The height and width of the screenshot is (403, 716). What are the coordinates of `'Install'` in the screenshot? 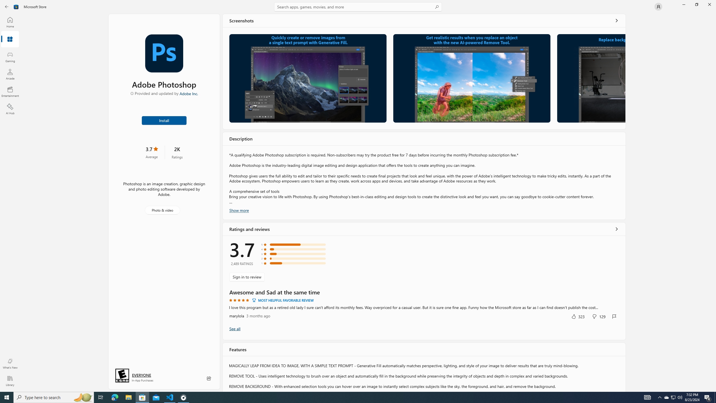 It's located at (164, 120).